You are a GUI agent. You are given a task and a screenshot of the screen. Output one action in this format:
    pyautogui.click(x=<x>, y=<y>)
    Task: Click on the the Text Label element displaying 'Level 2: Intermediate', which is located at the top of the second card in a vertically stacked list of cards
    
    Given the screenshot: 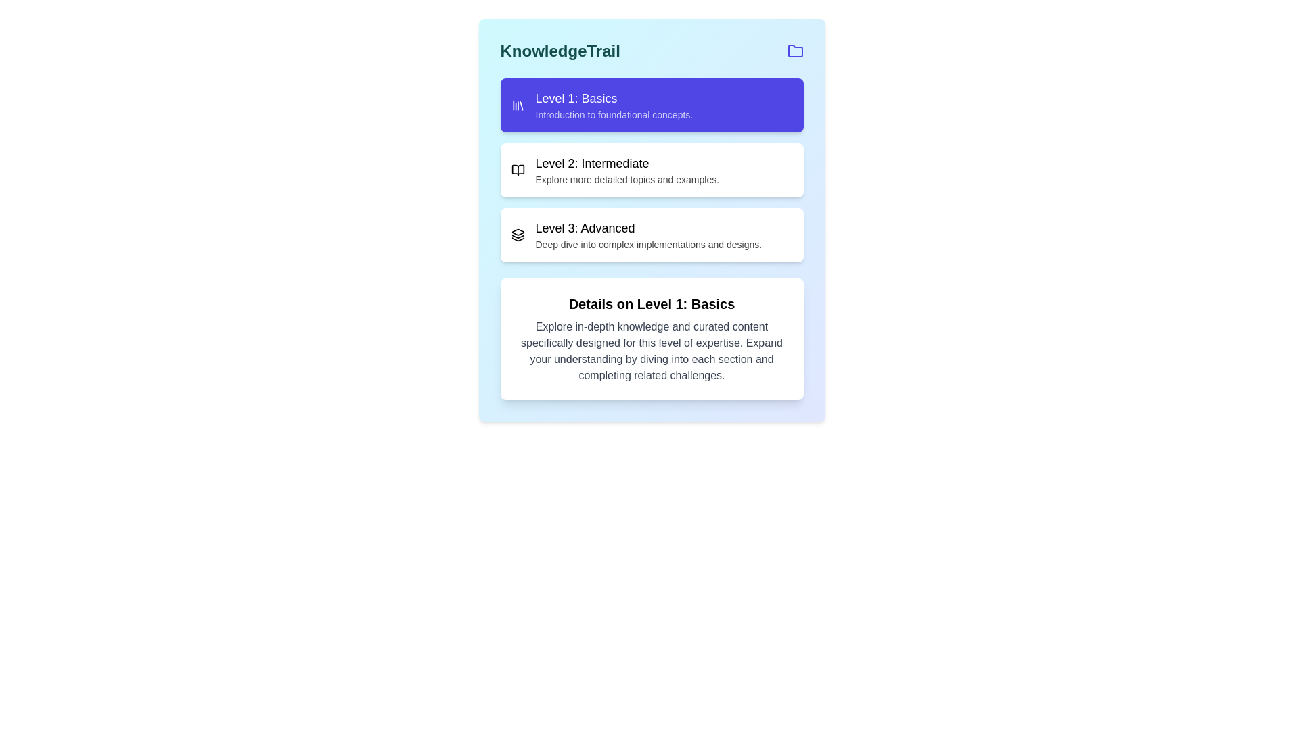 What is the action you would take?
    pyautogui.click(x=626, y=163)
    